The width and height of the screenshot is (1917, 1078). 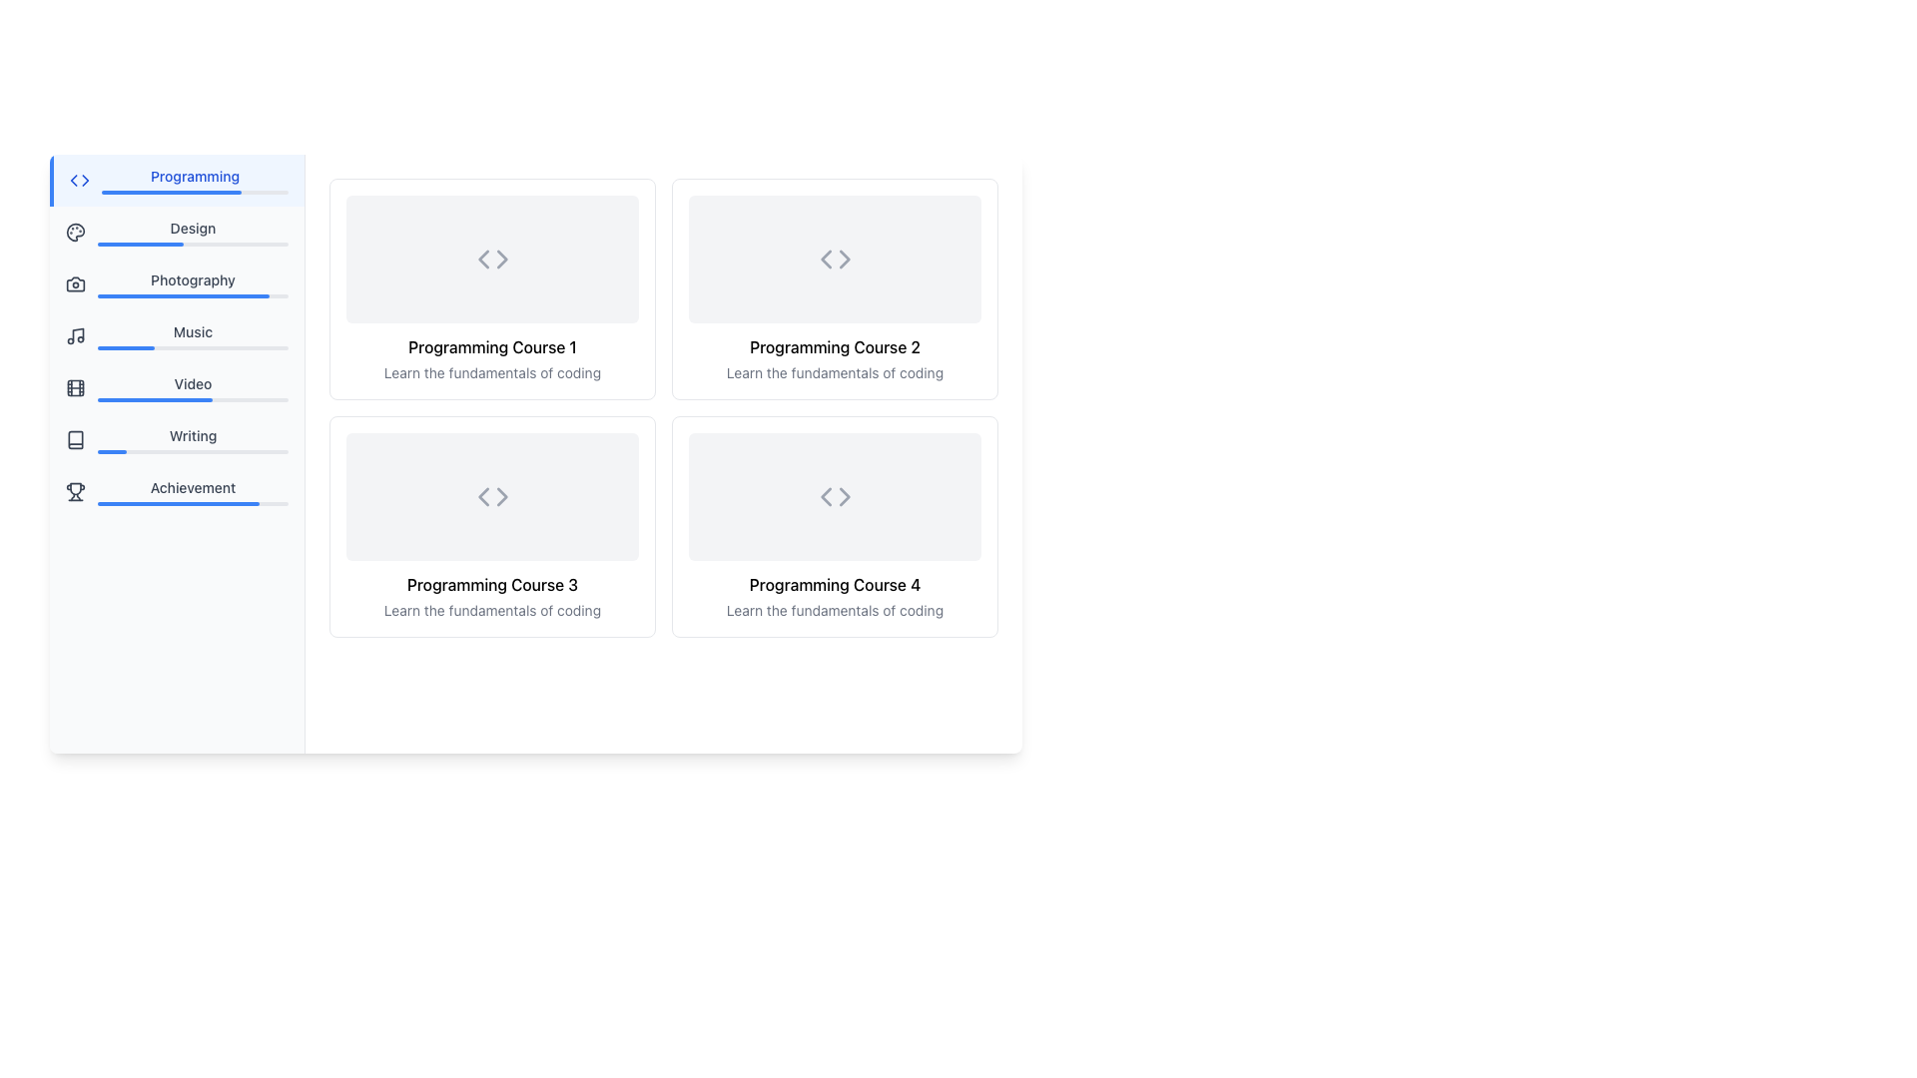 I want to click on the SVG icon representing code, which consists of two inward-pointing chevrons, located at the center of the first card in the grid of programming courses, so click(x=492, y=258).